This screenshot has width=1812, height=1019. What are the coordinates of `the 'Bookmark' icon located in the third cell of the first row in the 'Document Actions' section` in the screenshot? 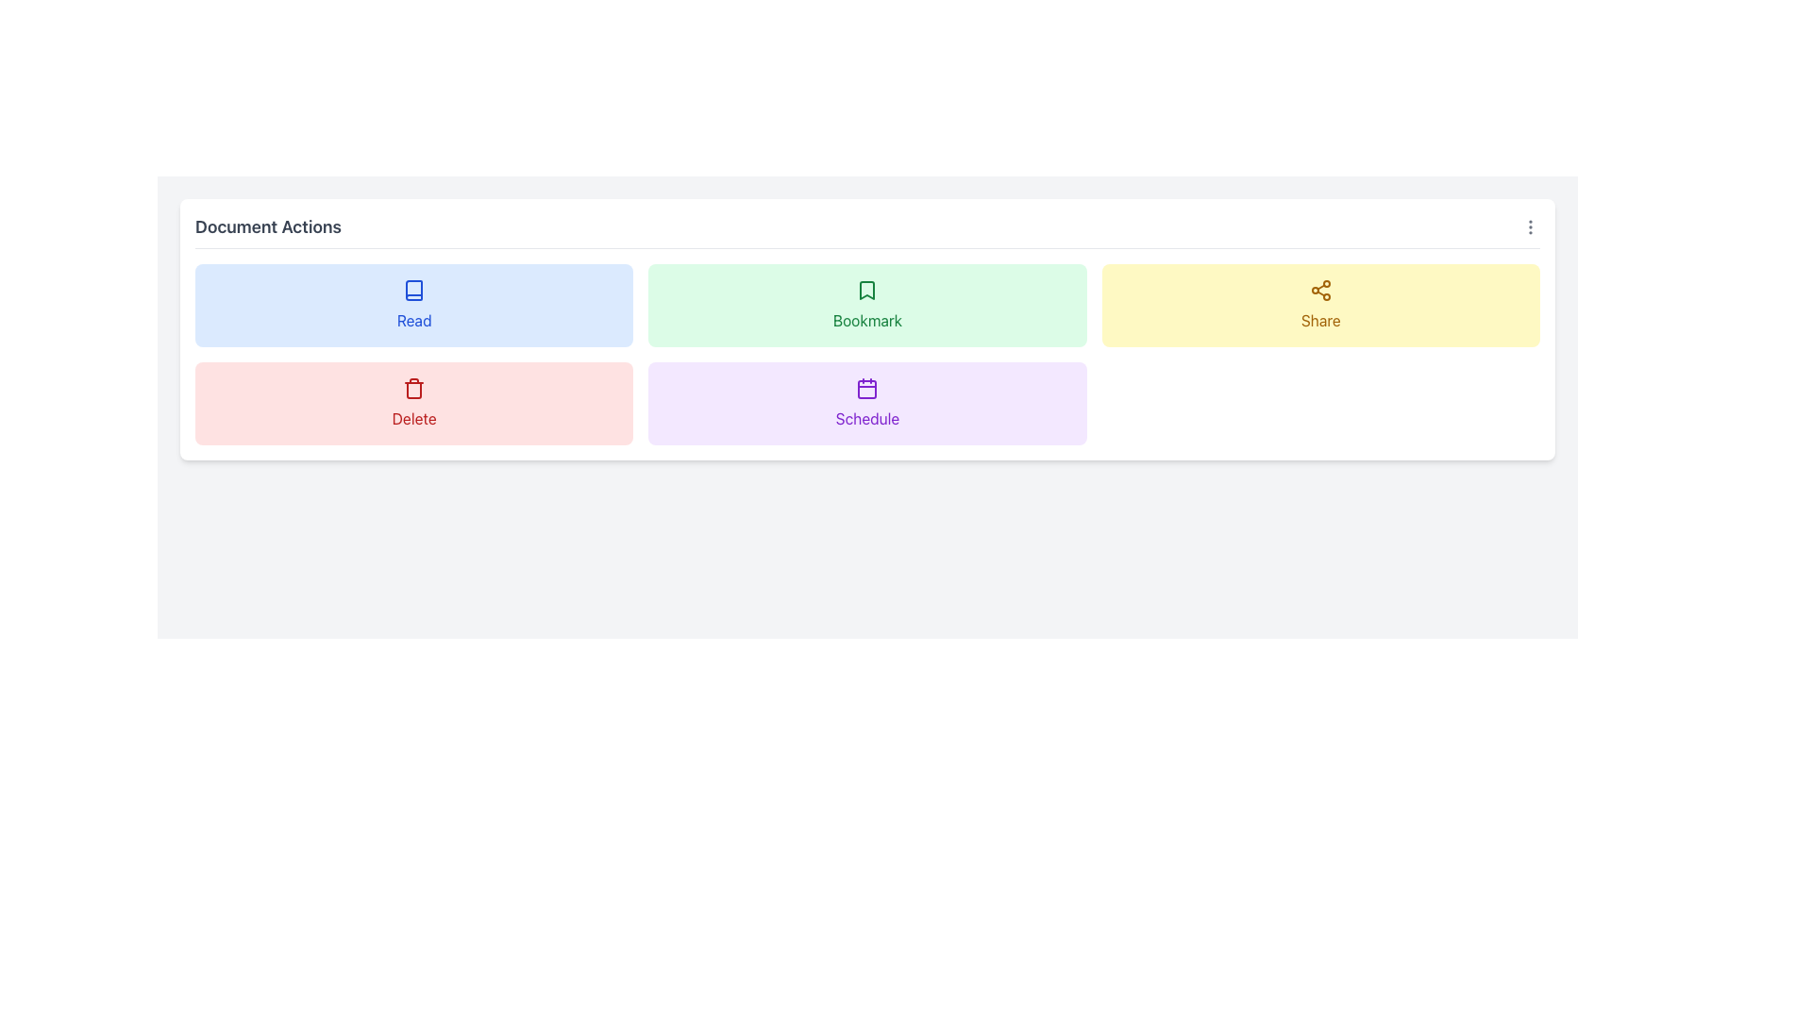 It's located at (866, 291).